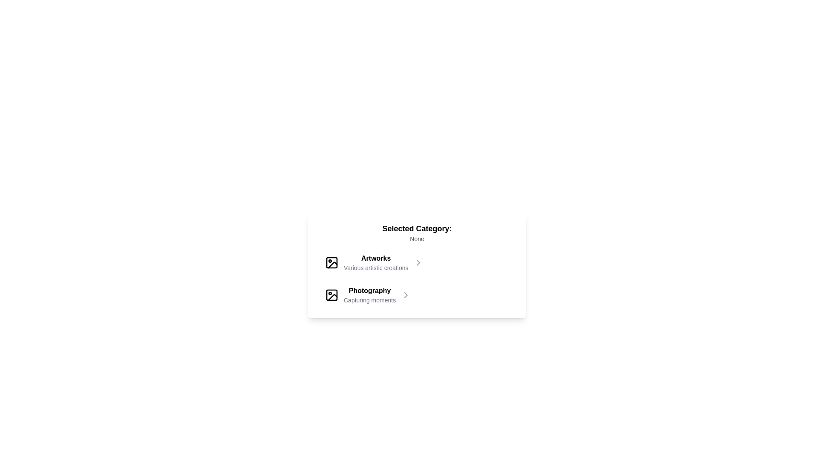  Describe the element at coordinates (418, 262) in the screenshot. I see `the right-facing chevron icon, which is gray and positioned to the right of the text 'Artworks Various artistic creations'` at that location.